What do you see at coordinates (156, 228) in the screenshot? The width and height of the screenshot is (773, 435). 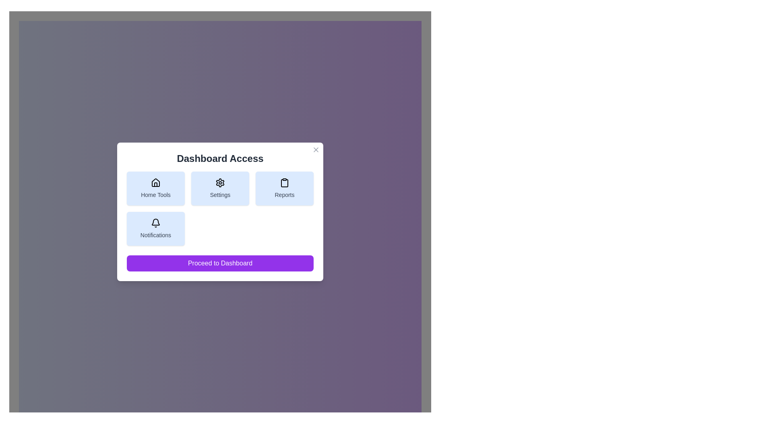 I see `the 'Notifications' button with a light blue background and bell icon located in the bottom-left corner of the 'Dashboard Access' modal` at bounding box center [156, 228].